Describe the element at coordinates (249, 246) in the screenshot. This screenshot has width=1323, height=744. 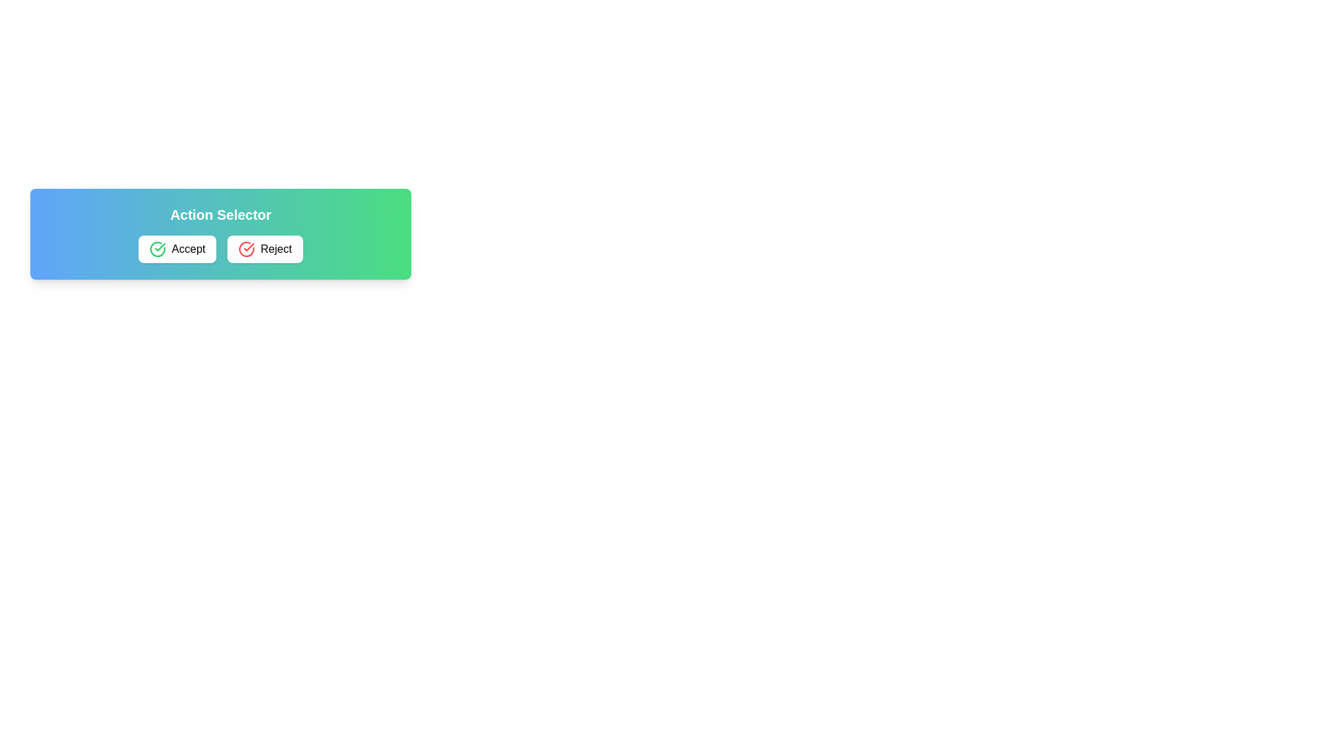
I see `the red checkmark icon within the 'Reject' button, which is the second button from the left in a two-button layout` at that location.